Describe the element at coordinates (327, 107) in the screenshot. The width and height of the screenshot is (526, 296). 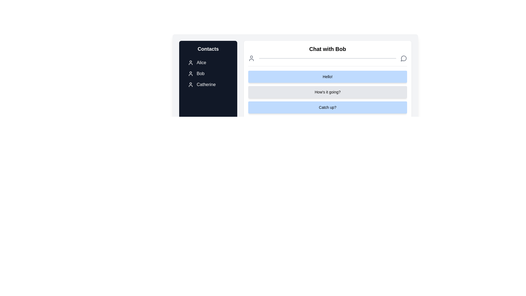
I see `the chat message bubble located at the bottom of the chat thread in the 'Chat with Bob' panel, which represents a chat message in a conversation` at that location.